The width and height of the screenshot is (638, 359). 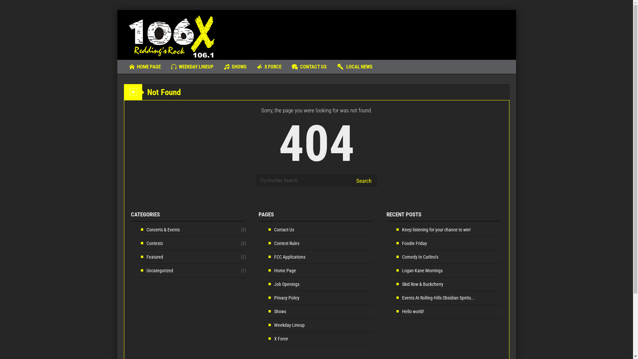 What do you see at coordinates (284, 284) in the screenshot?
I see `'Job Openings'` at bounding box center [284, 284].